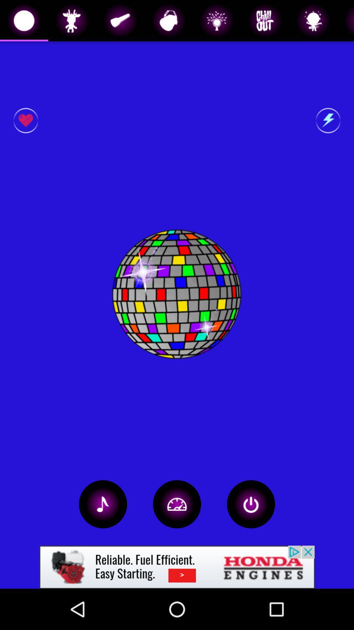  I want to click on advertisement website, so click(177, 567).